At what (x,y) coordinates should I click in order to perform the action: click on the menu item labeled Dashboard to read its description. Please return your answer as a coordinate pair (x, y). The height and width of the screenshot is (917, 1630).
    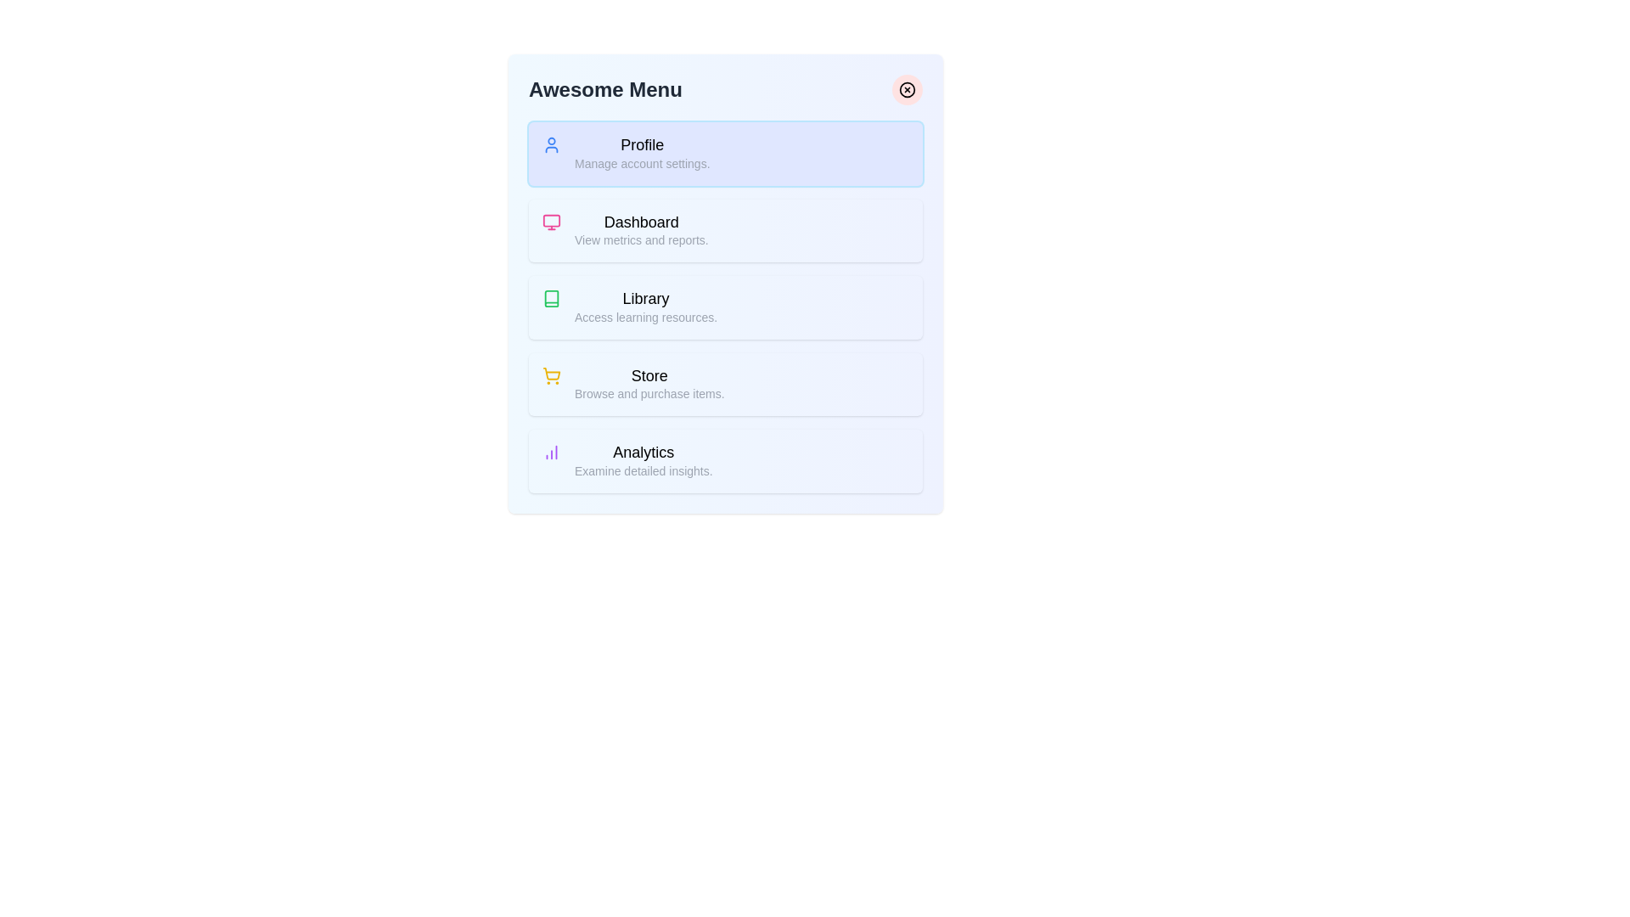
    Looking at the image, I should click on (635, 229).